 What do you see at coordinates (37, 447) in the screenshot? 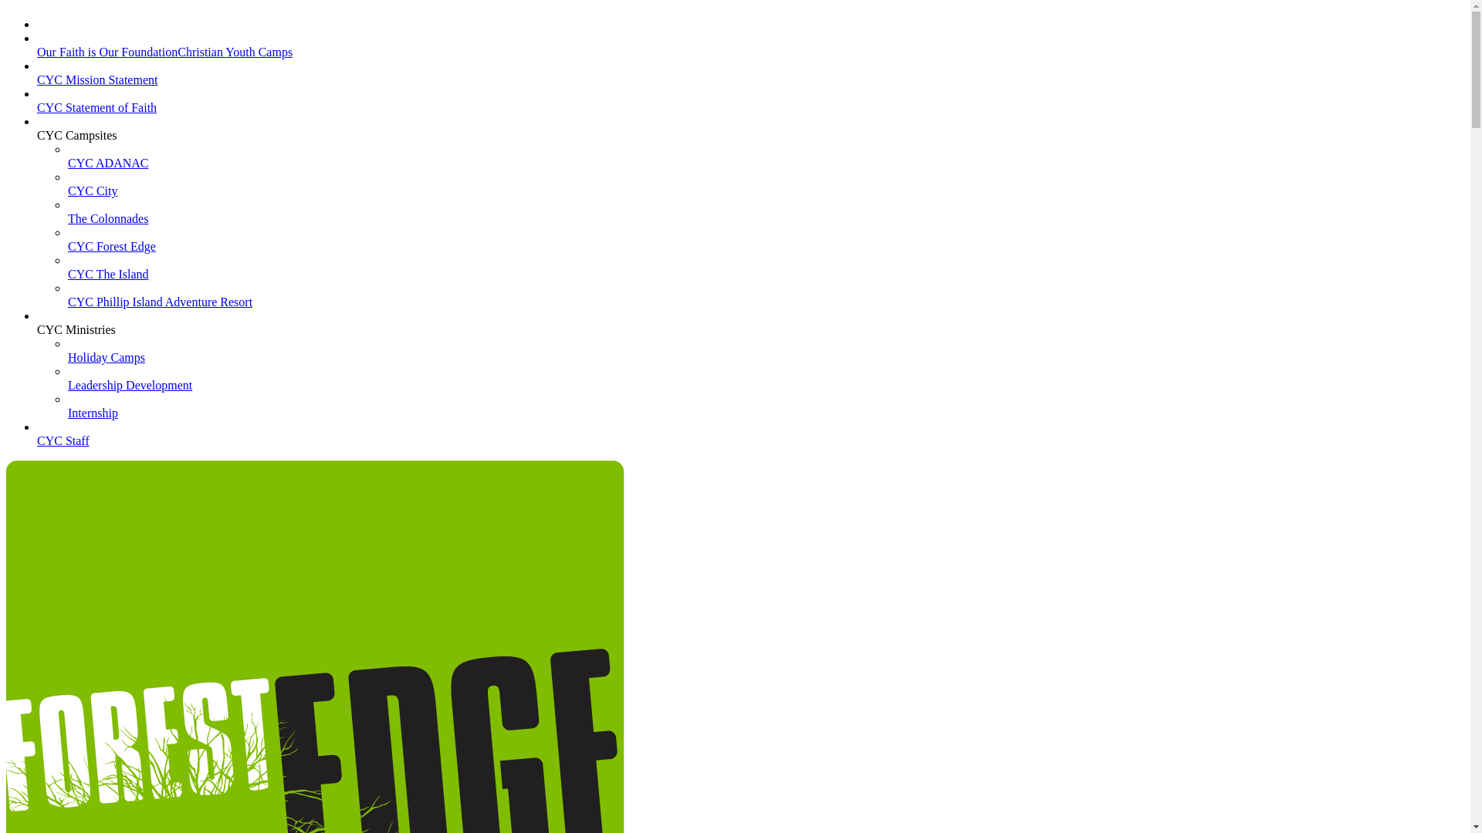
I see `'CYC Staff'` at bounding box center [37, 447].